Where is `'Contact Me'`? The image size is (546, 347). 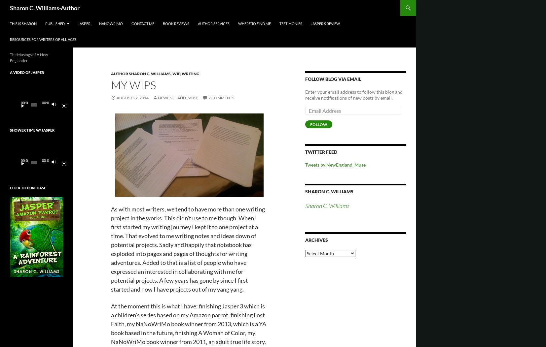 'Contact Me' is located at coordinates (131, 23).